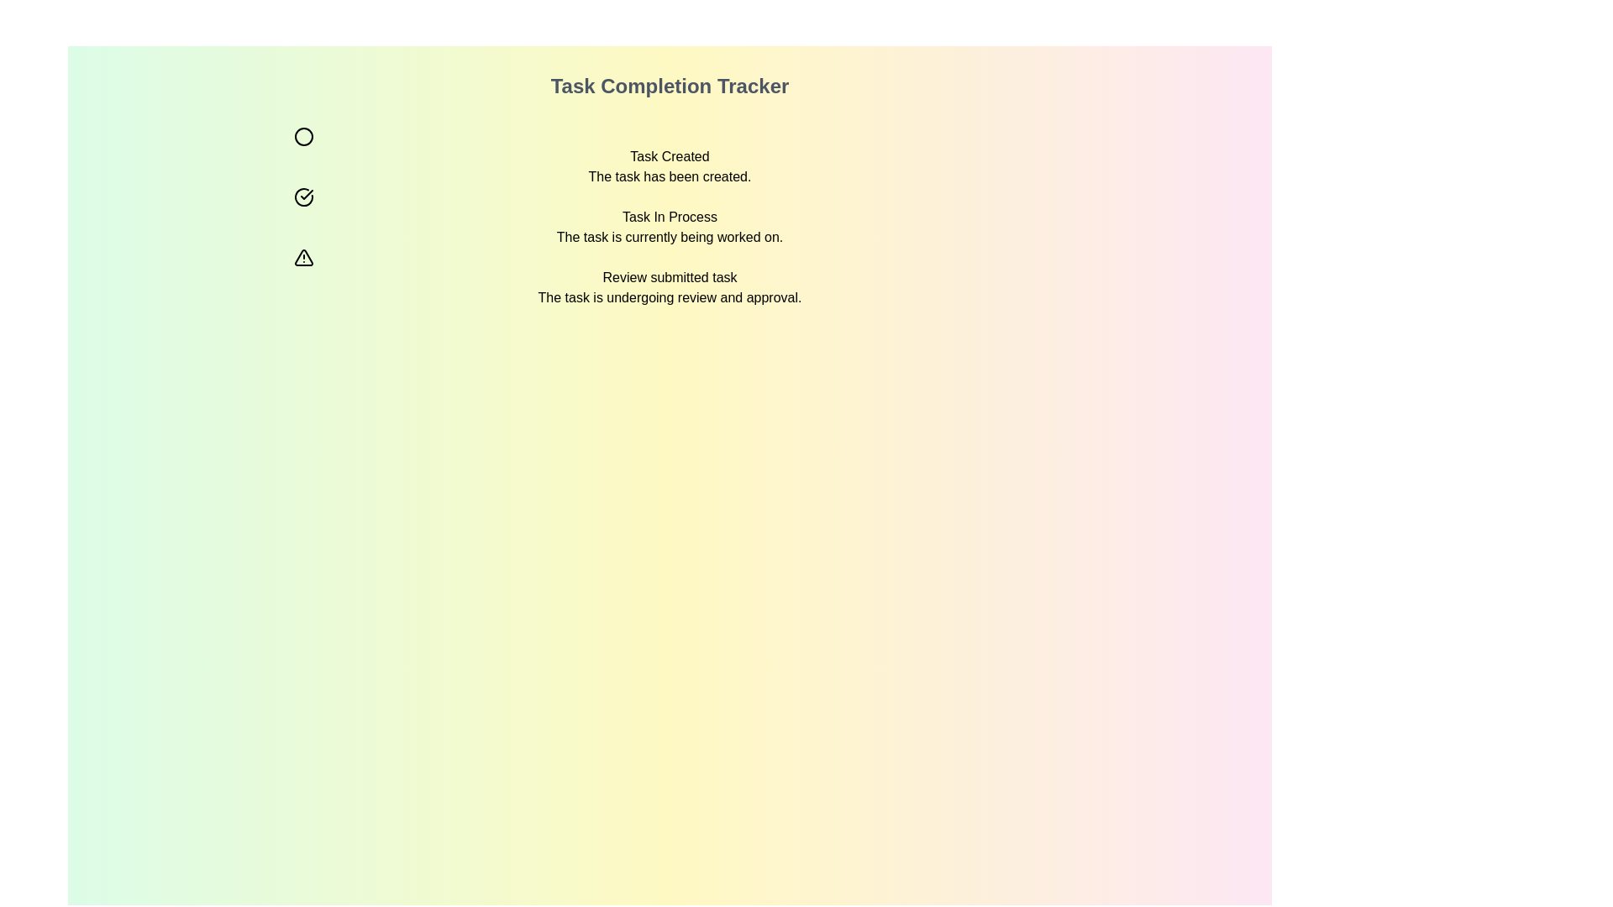 The height and width of the screenshot is (907, 1613). What do you see at coordinates (303, 197) in the screenshot?
I see `the 'Task In Process' icon, which is the second icon in a vertical group of three, indicating an ongoing task status` at bounding box center [303, 197].